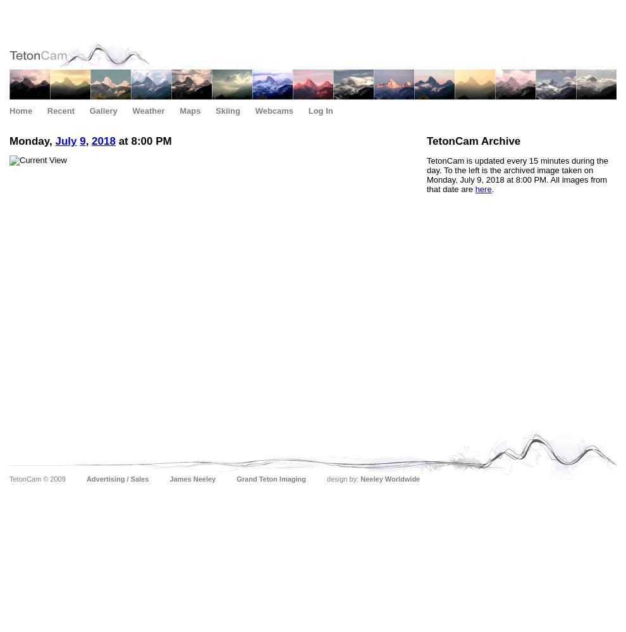 Image resolution: width=626 pixels, height=632 pixels. What do you see at coordinates (142, 140) in the screenshot?
I see `'at 8:00 PM'` at bounding box center [142, 140].